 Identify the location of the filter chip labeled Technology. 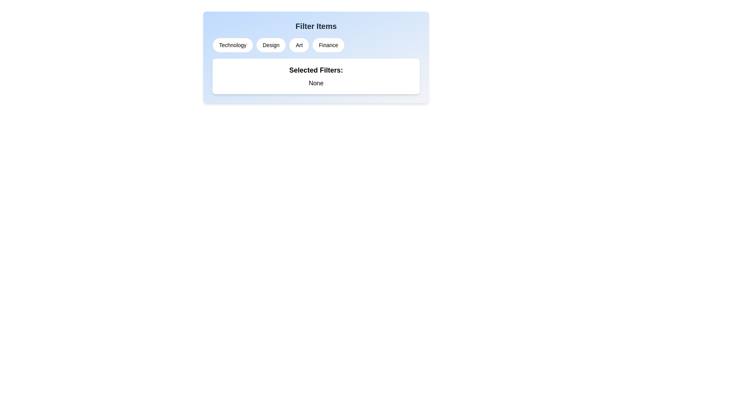
(232, 45).